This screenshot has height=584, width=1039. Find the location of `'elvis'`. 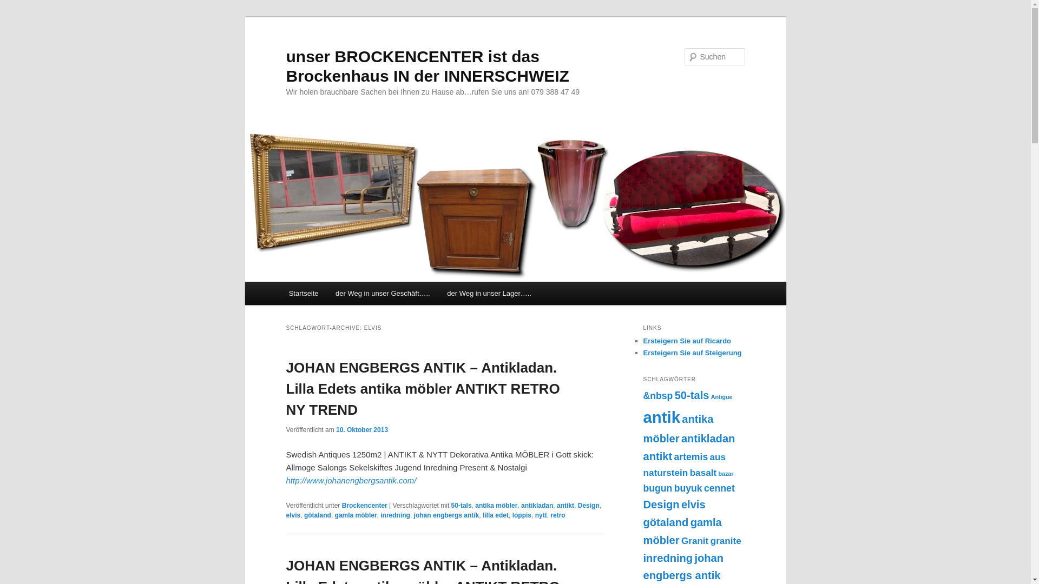

'elvis' is located at coordinates (293, 514).